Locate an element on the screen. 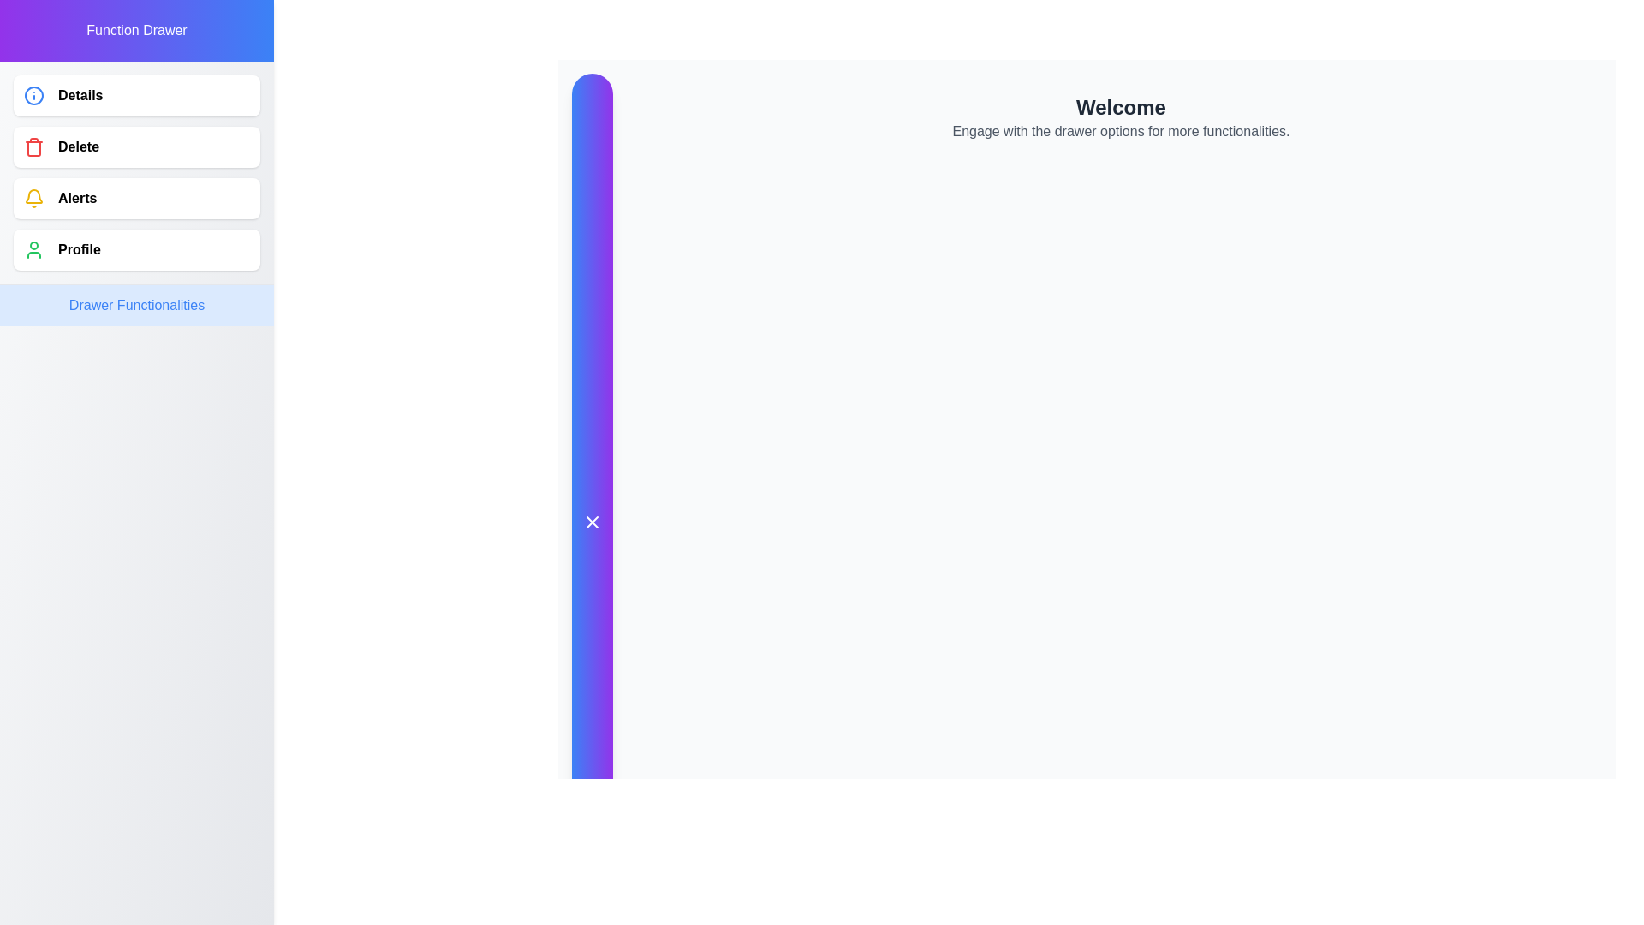  the text label displaying 'Engage with the drawer options for more functionalities.' positioned just below the 'Welcome' header is located at coordinates (1121, 131).